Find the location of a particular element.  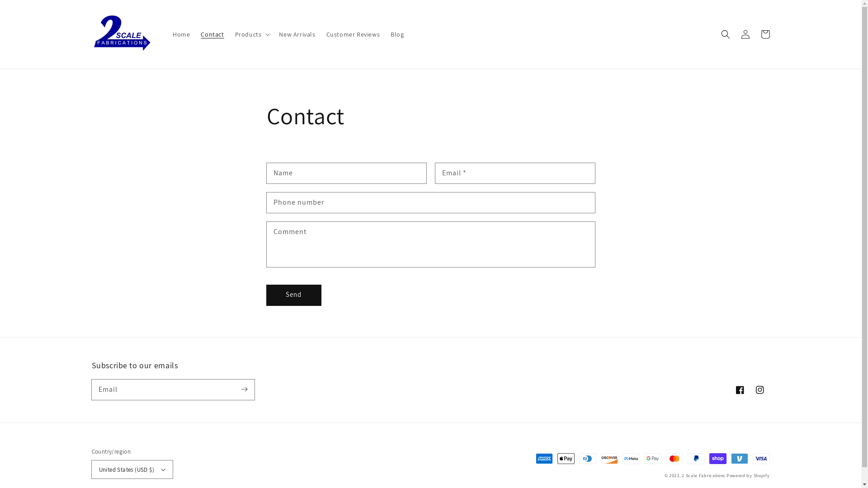

'Cart' is located at coordinates (764, 34).